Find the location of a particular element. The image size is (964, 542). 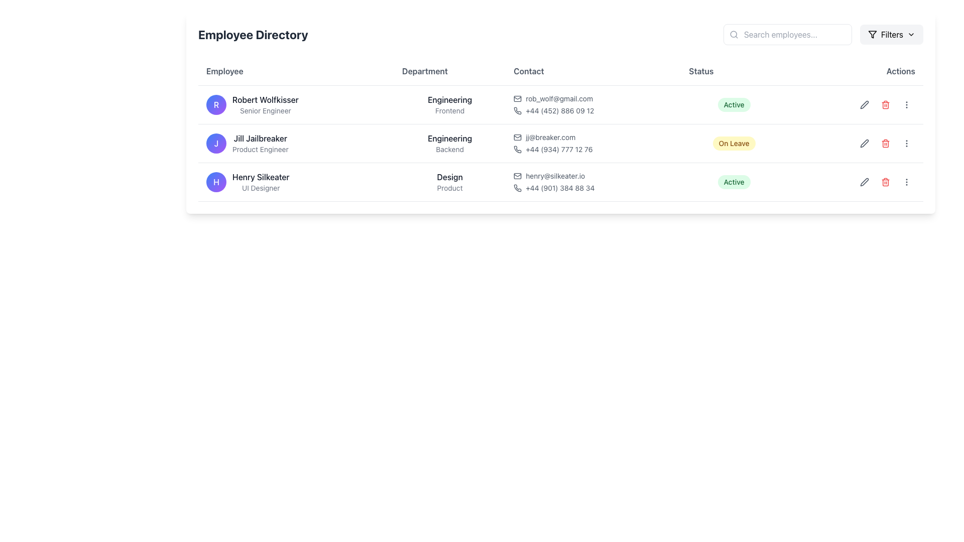

phone icon, which is a dark gray SVG graphic located to the left of the phone number '+44 (934) 777 12 76' in the Contact section of the table is located at coordinates (518, 149).